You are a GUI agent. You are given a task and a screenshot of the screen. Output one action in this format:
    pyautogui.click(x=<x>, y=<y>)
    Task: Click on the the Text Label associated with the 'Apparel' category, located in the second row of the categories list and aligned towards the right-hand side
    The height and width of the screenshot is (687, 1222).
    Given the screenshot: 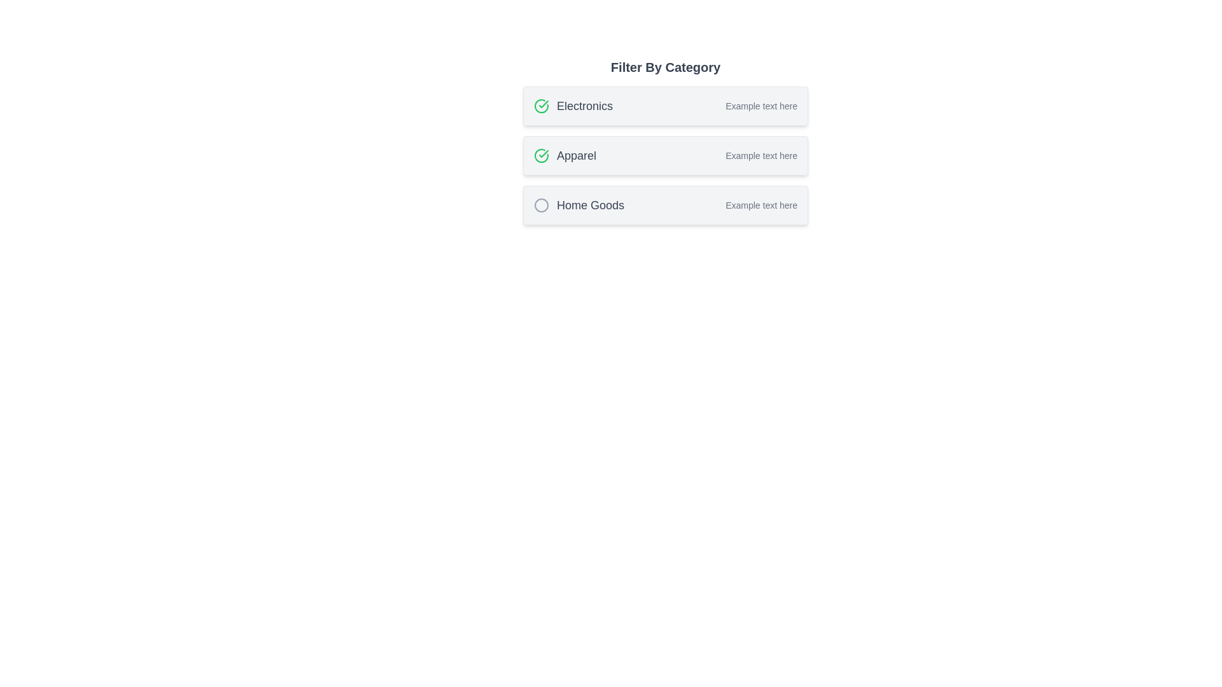 What is the action you would take?
    pyautogui.click(x=761, y=155)
    